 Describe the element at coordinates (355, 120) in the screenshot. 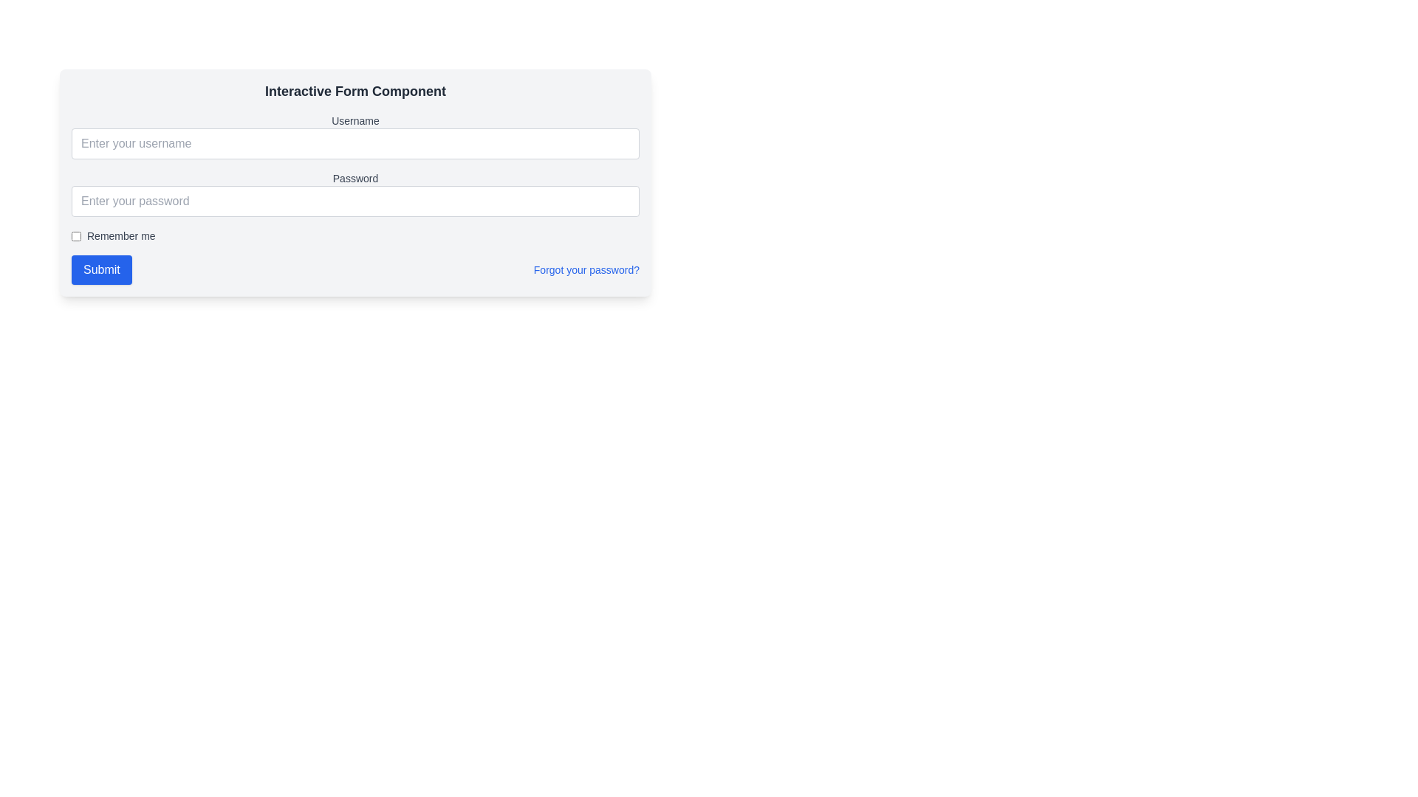

I see `the 'Username' text label element, which is styled with a small font size, medium weight, and gray color, positioned directly above the username input field in the form layout` at that location.